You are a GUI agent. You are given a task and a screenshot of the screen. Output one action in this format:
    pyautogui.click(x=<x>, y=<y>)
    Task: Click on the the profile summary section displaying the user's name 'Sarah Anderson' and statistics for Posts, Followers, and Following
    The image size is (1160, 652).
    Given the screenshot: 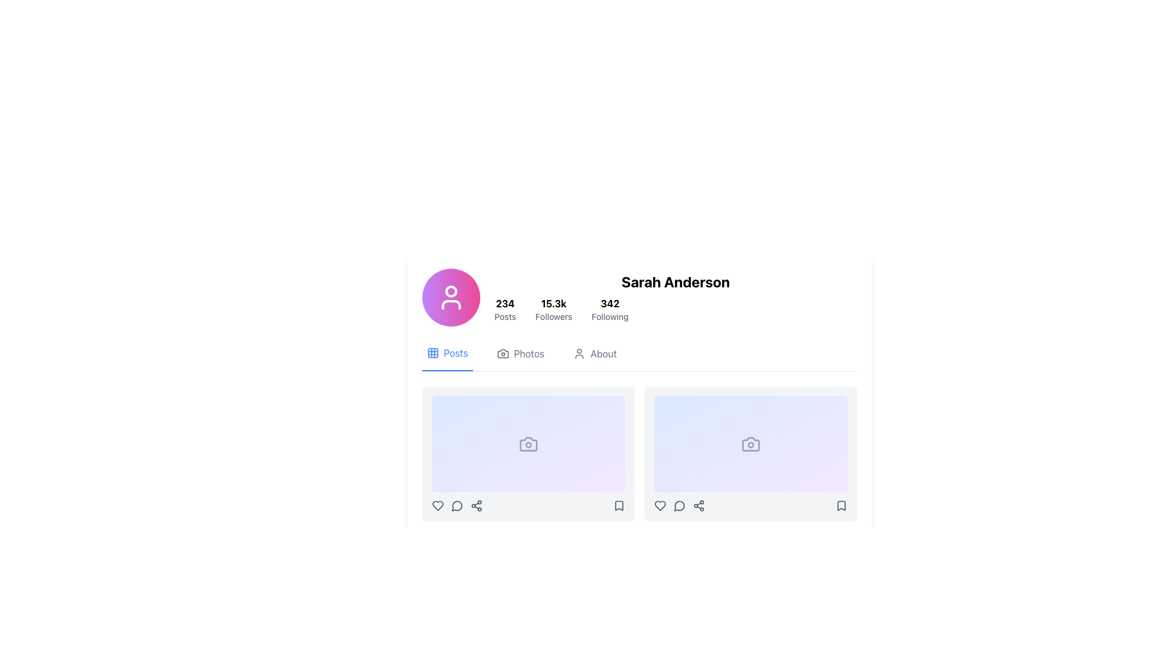 What is the action you would take?
    pyautogui.click(x=675, y=298)
    